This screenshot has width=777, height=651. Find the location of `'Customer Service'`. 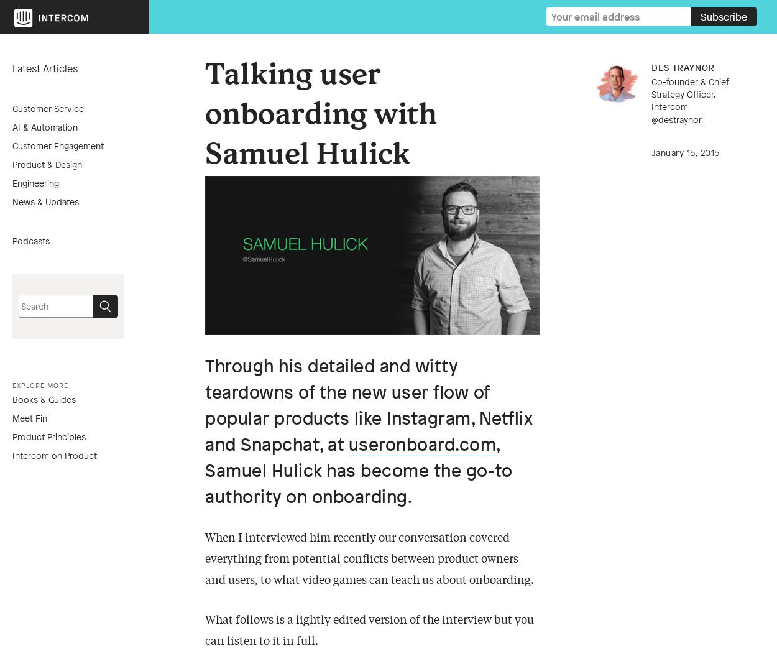

'Customer Service' is located at coordinates (47, 108).